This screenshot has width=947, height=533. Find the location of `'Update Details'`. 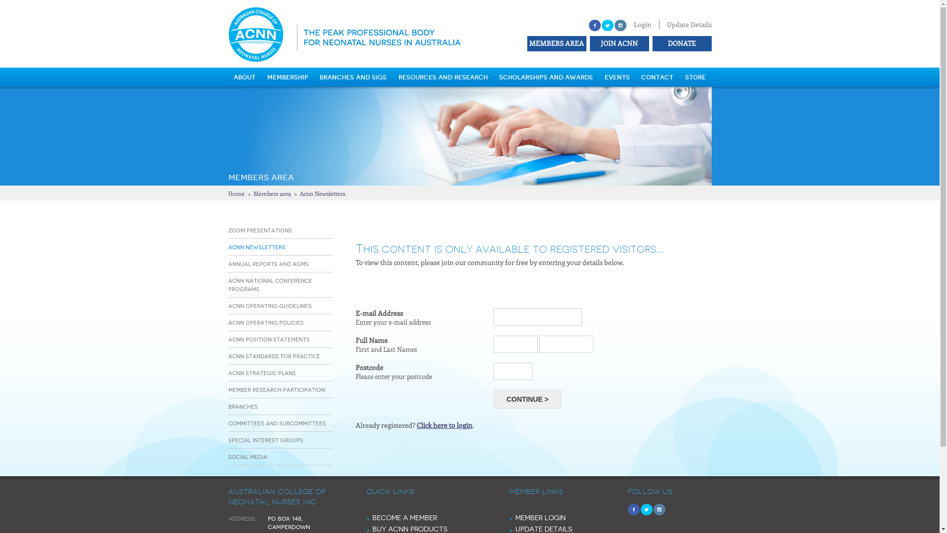

'Update Details' is located at coordinates (689, 24).